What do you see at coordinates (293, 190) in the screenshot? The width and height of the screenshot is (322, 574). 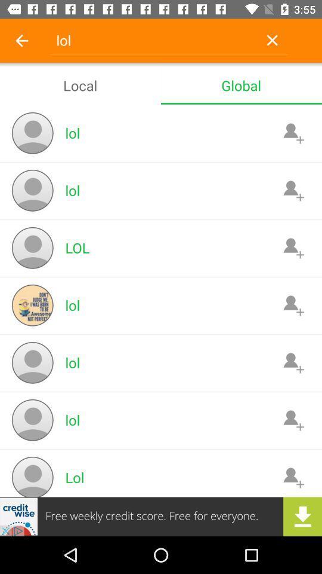 I see `contect button` at bounding box center [293, 190].